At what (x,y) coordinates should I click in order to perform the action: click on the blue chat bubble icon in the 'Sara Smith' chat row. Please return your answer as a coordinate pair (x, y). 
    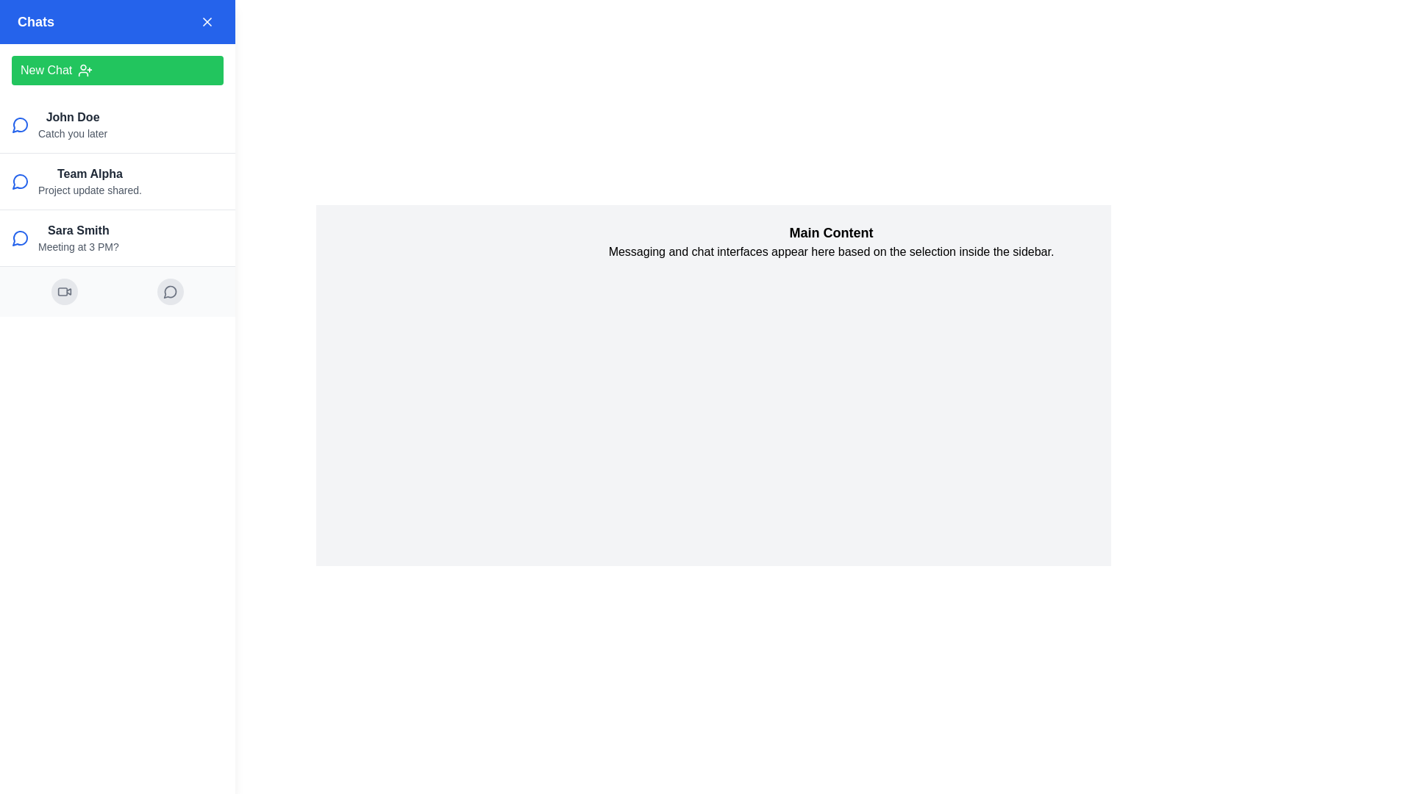
    Looking at the image, I should click on (20, 237).